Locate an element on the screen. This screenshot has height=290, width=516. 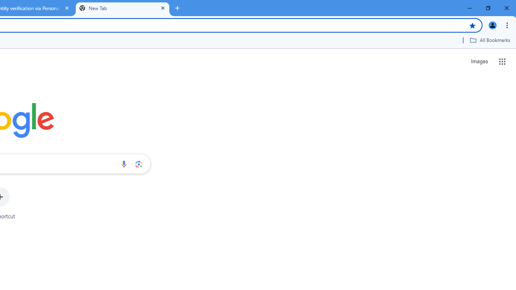
'Search by image' is located at coordinates (139, 164).